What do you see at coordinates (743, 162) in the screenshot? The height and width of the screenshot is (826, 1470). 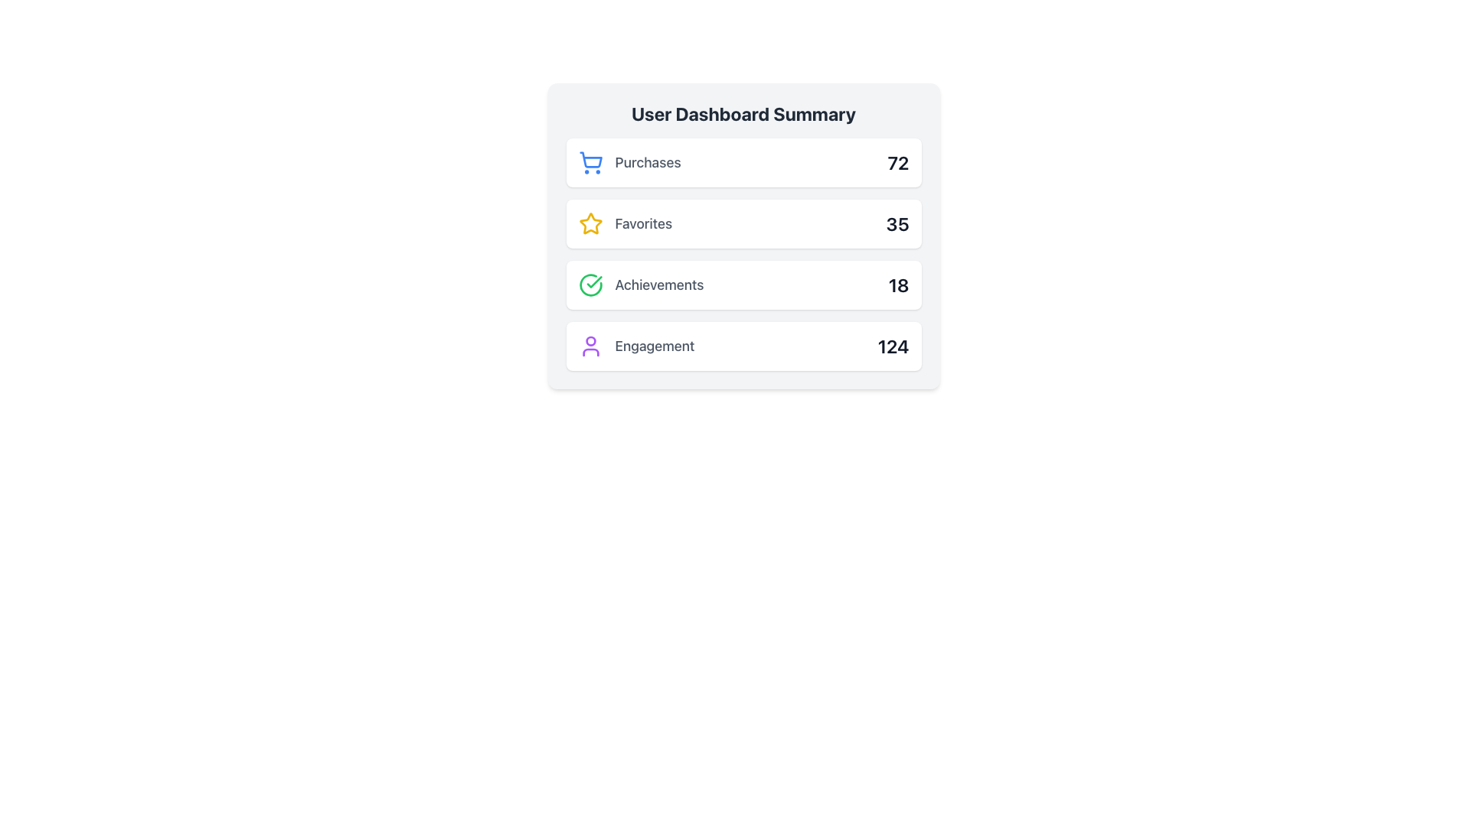 I see `the 'Purchases' summary card at the top of the list` at bounding box center [743, 162].